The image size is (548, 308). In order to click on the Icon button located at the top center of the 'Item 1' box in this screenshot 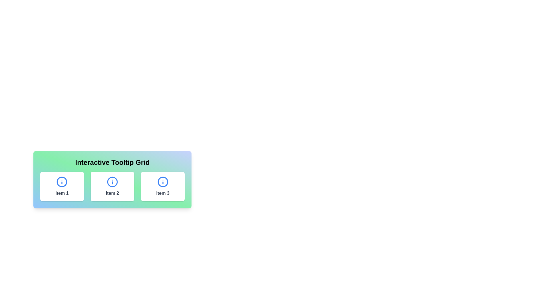, I will do `click(62, 182)`.